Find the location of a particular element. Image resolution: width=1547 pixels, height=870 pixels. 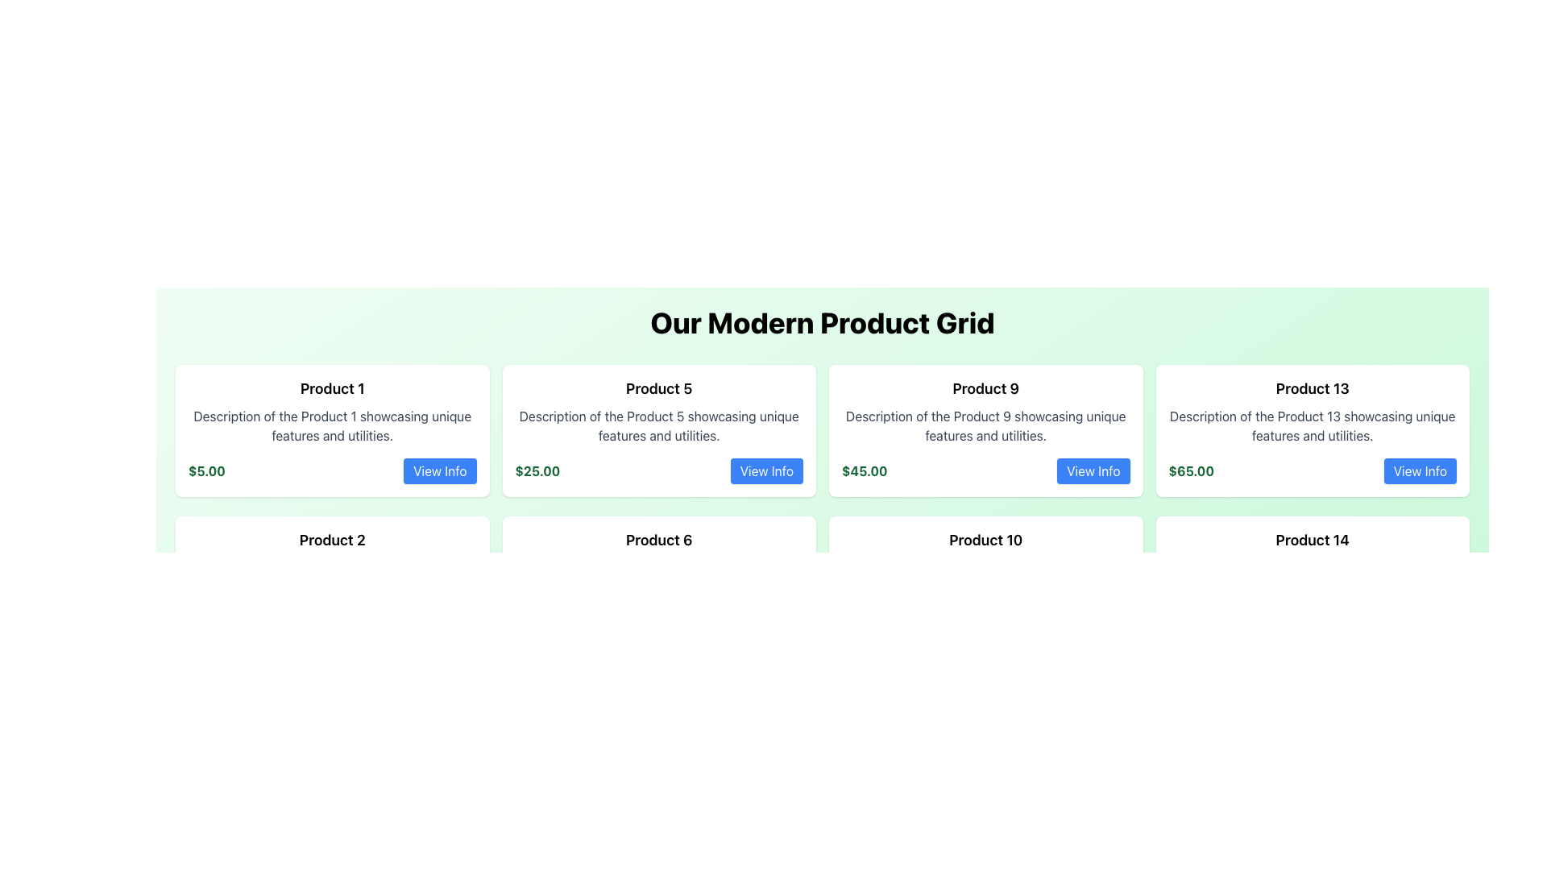

the button in the bottom-right corner of the first product card in the 'Our Modern Product Grid' section is located at coordinates (440, 471).